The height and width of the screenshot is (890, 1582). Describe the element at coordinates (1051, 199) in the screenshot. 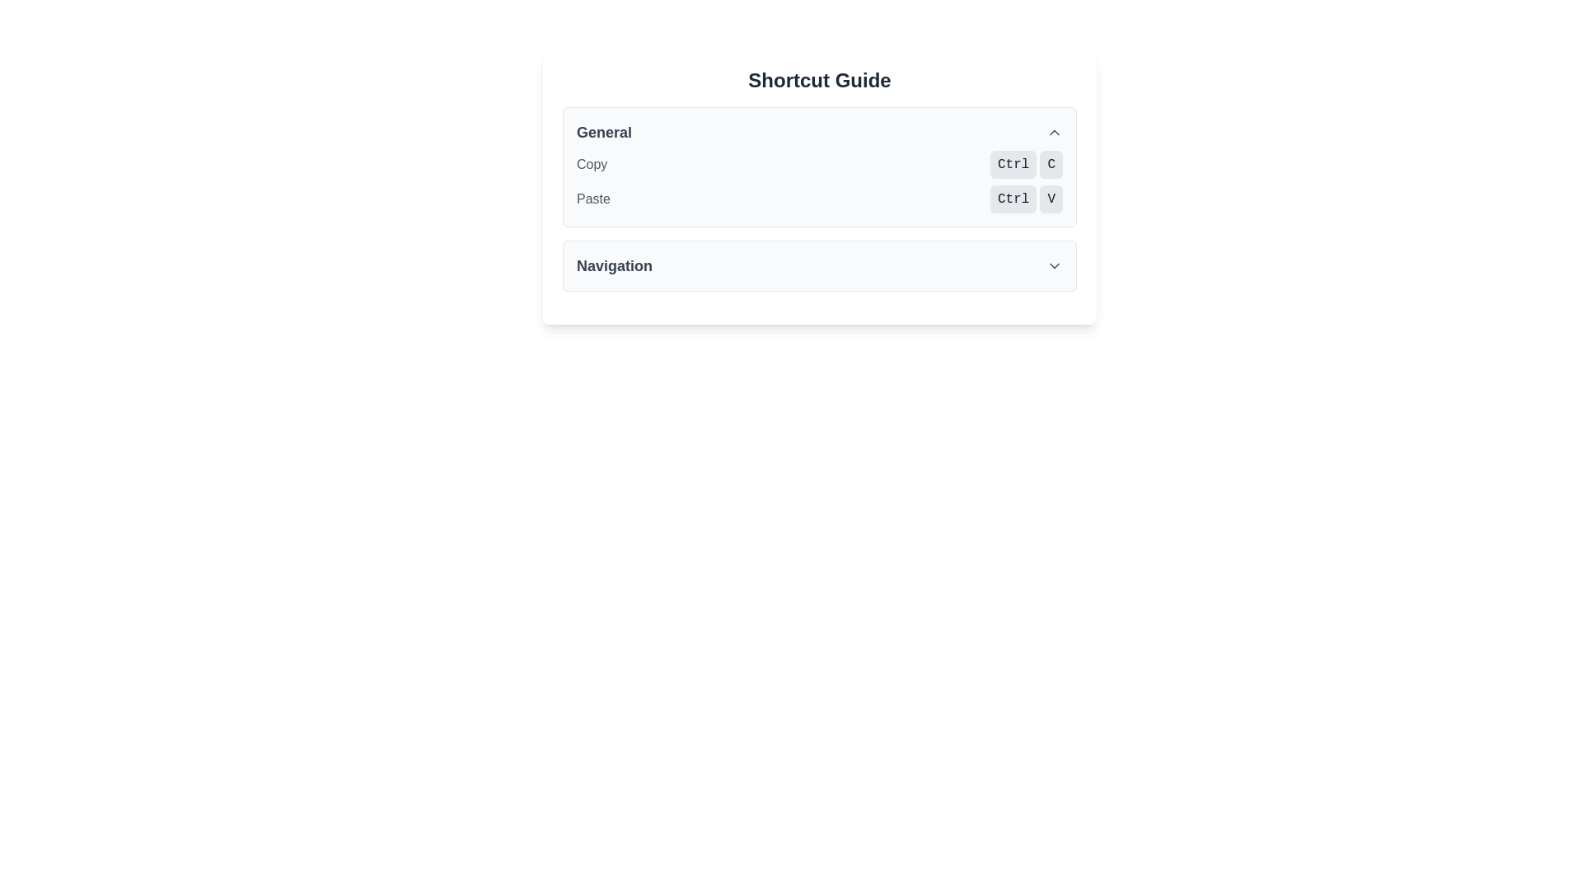

I see `the 'V' key label, which is part of a keyboard shortcut visual group located to the right of the 'Ctrl' label in the 'General' section of the shortcut guide interface` at that location.